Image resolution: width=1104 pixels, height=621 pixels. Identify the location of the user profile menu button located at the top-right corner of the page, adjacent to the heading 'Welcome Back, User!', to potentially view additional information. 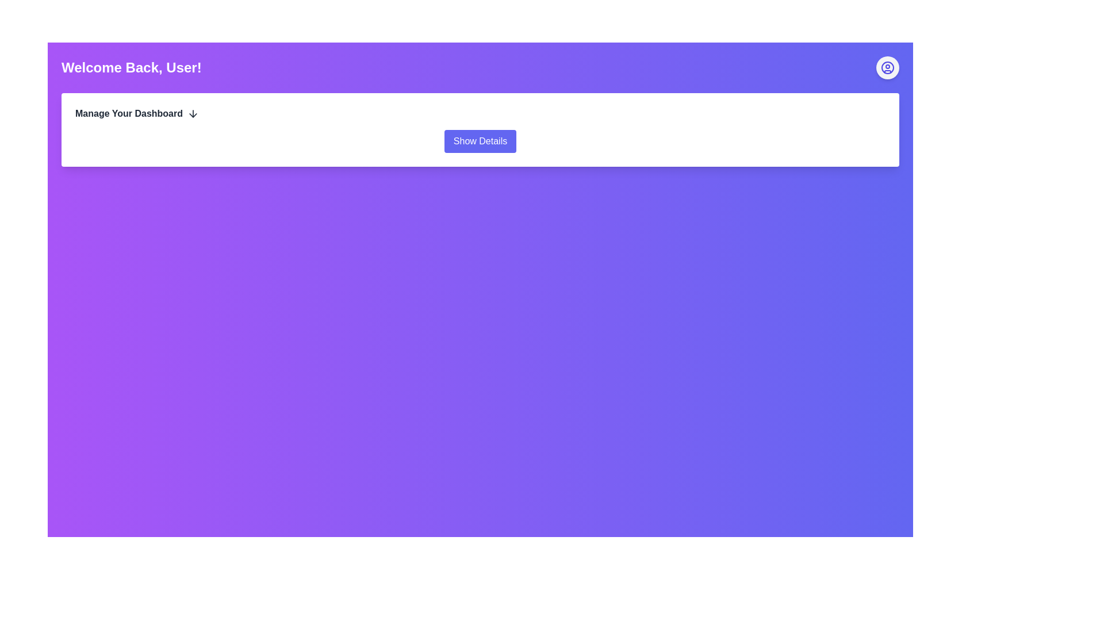
(887, 68).